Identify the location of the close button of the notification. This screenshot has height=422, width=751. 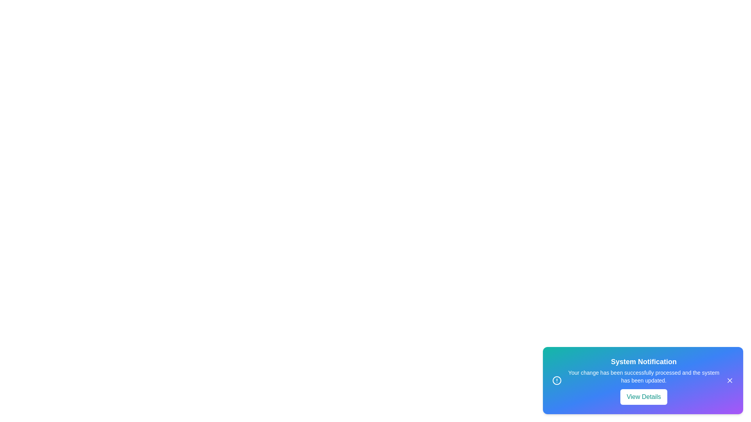
(729, 380).